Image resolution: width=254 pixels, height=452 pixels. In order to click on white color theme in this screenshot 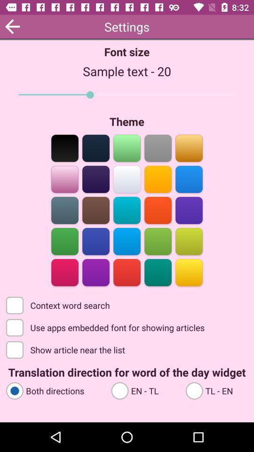, I will do `click(127, 178)`.